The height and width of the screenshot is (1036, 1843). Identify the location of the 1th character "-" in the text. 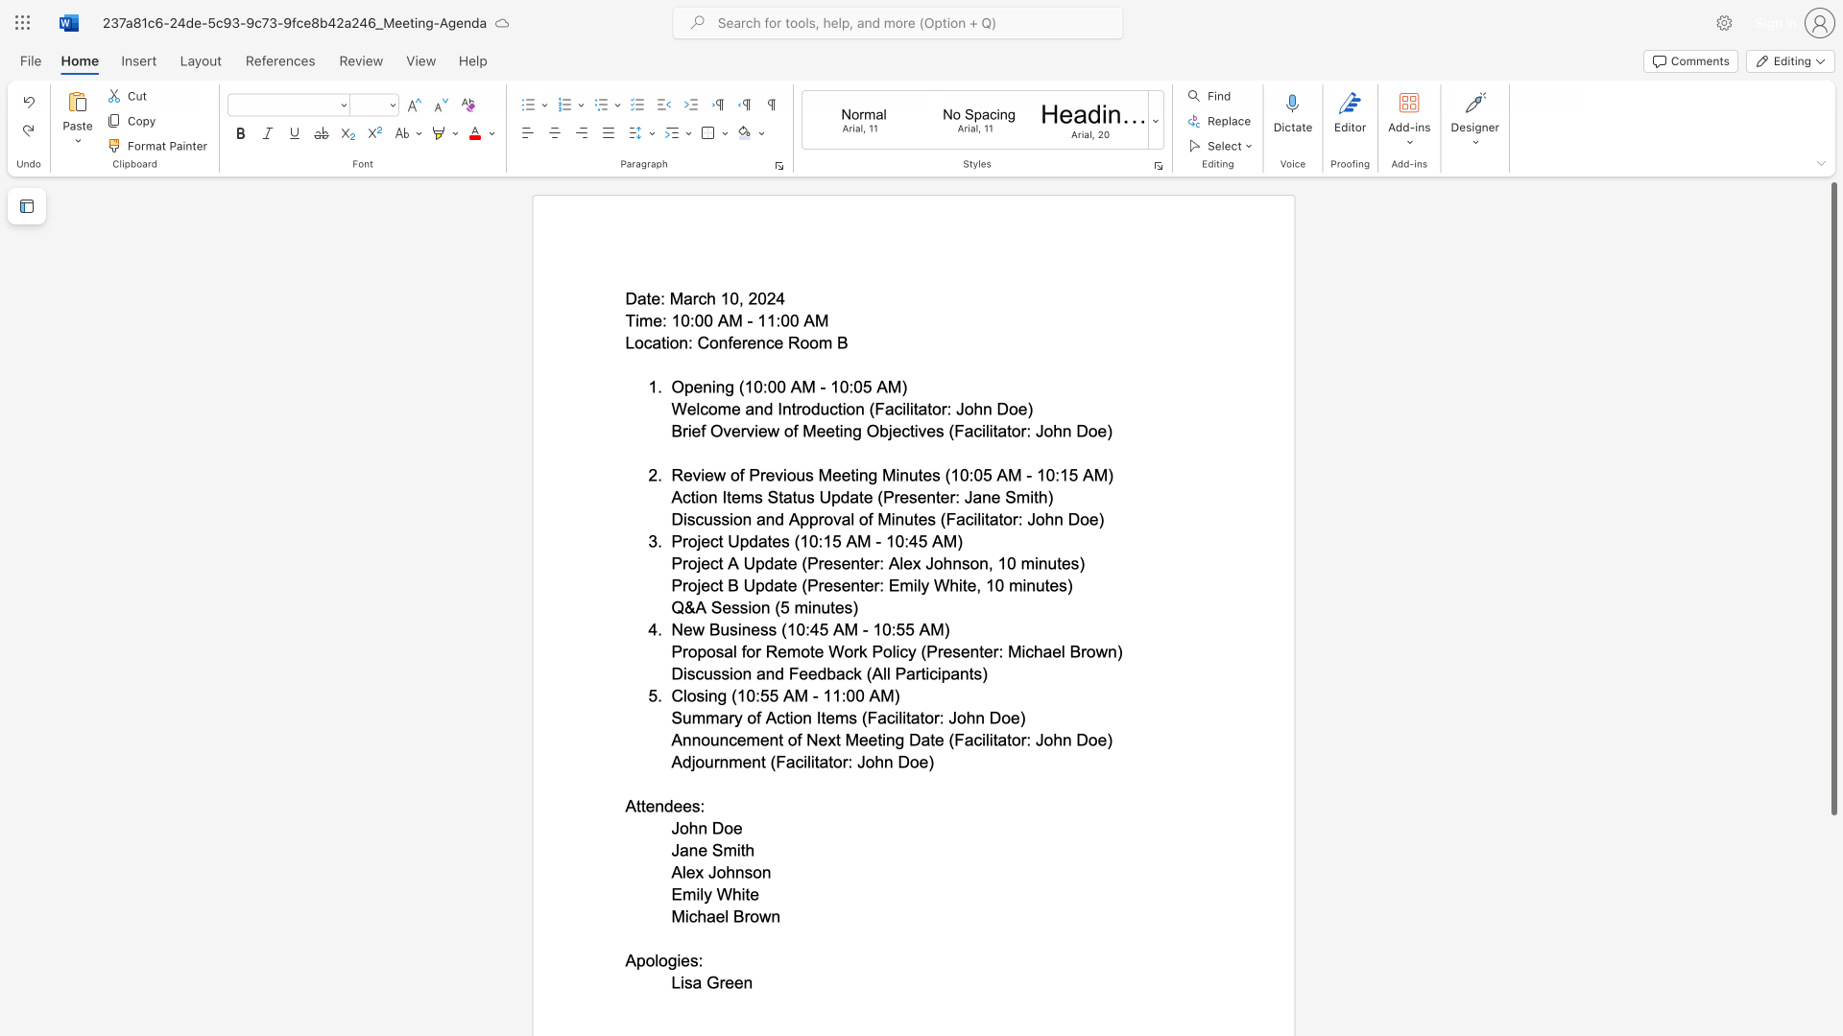
(749, 319).